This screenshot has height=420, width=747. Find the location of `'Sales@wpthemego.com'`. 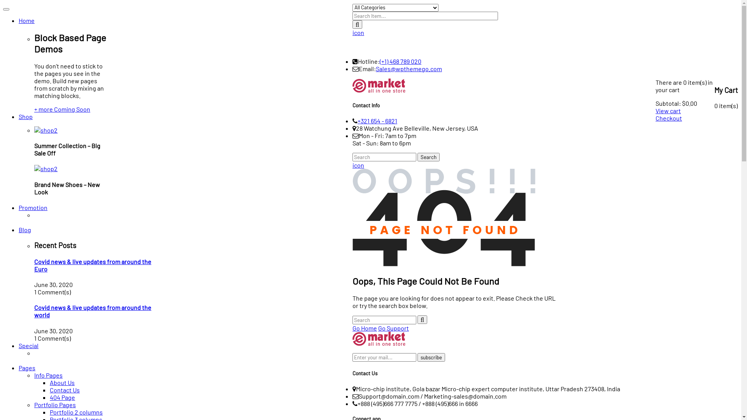

'Sales@wpthemego.com' is located at coordinates (409, 68).